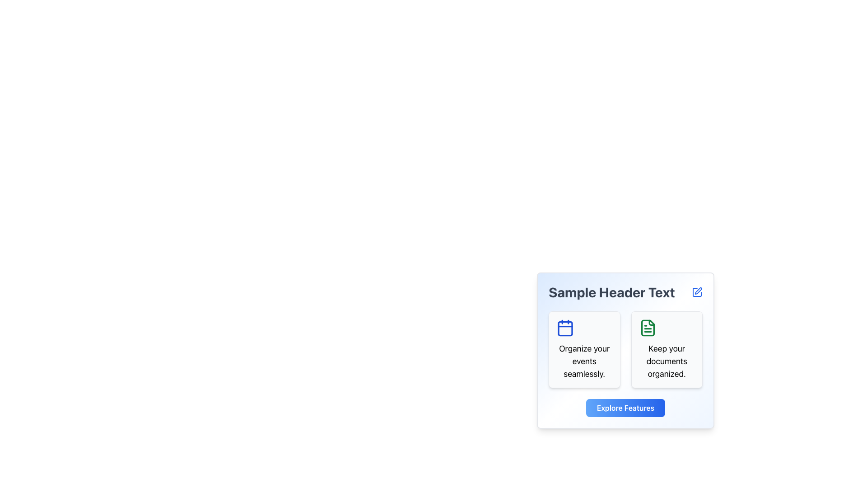 Image resolution: width=867 pixels, height=488 pixels. What do you see at coordinates (647, 328) in the screenshot?
I see `the green document icon with a folded corner located inside the right feature box labeled 'Keep your documents organized'` at bounding box center [647, 328].